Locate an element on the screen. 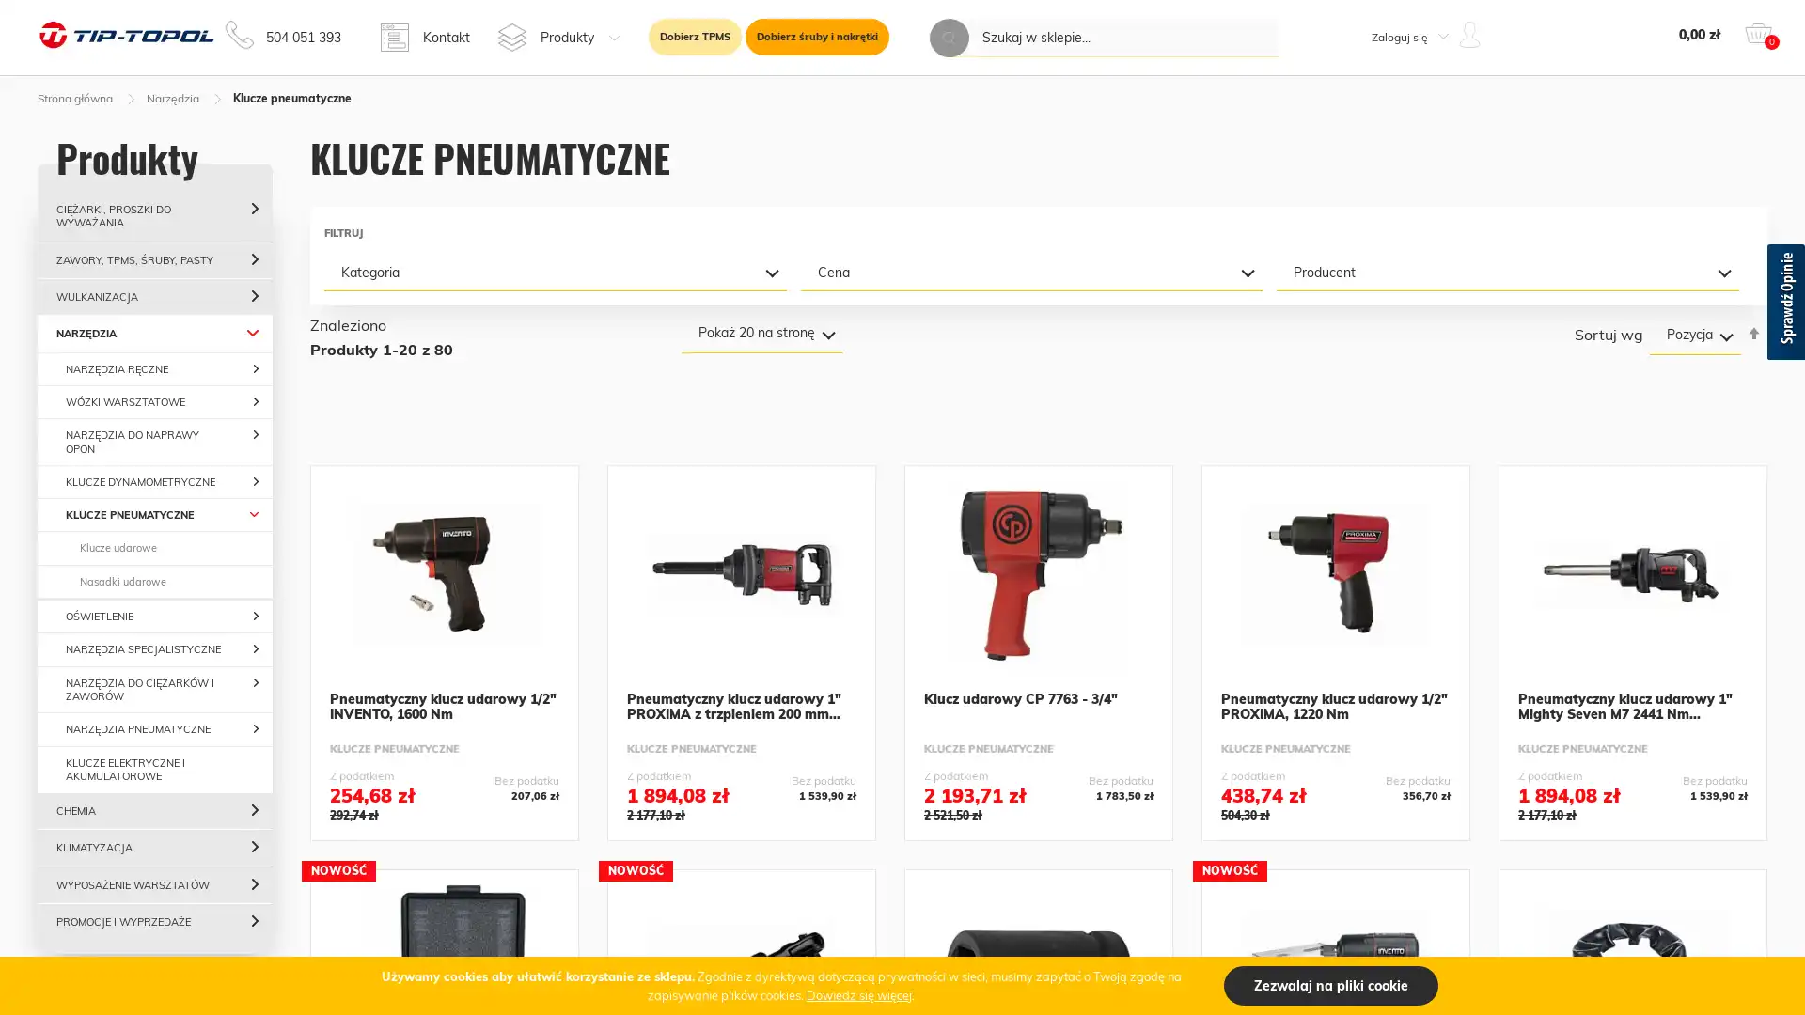 The height and width of the screenshot is (1015, 1805). Dodaj do koszyka is located at coordinates (740, 814).